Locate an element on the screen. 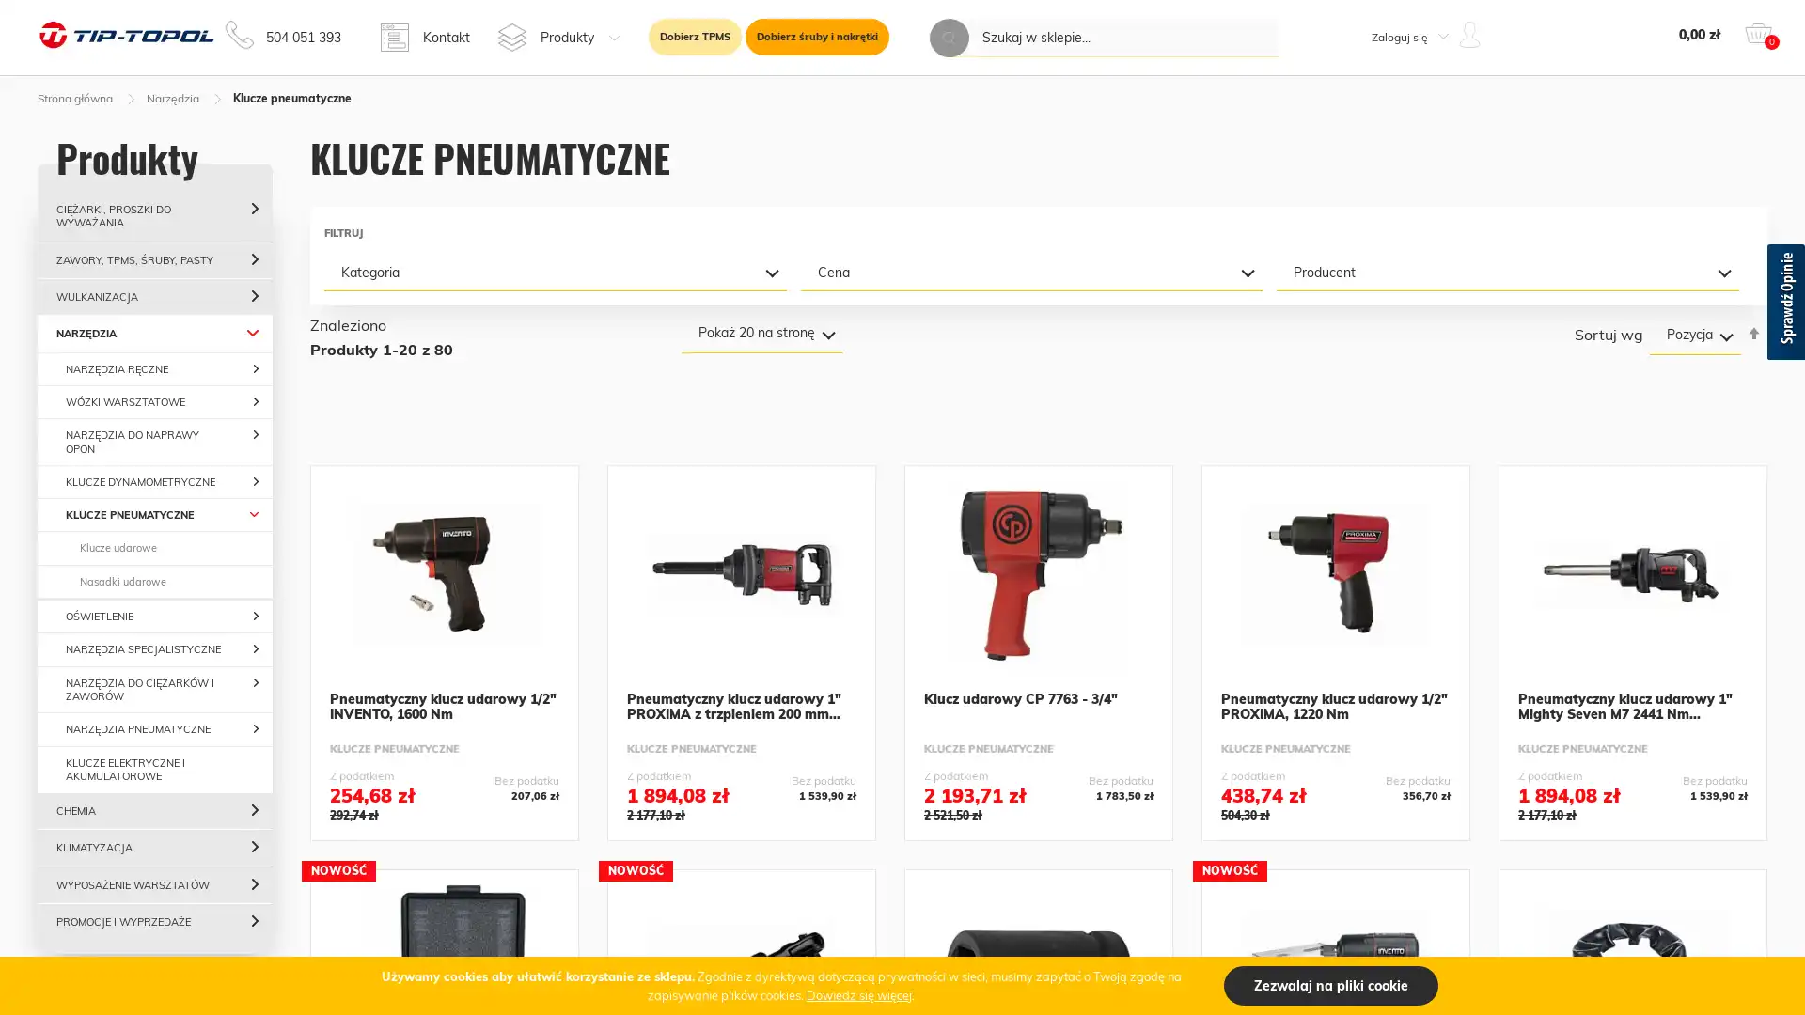 The height and width of the screenshot is (1015, 1805). Dodaj do koszyka is located at coordinates (740, 814).